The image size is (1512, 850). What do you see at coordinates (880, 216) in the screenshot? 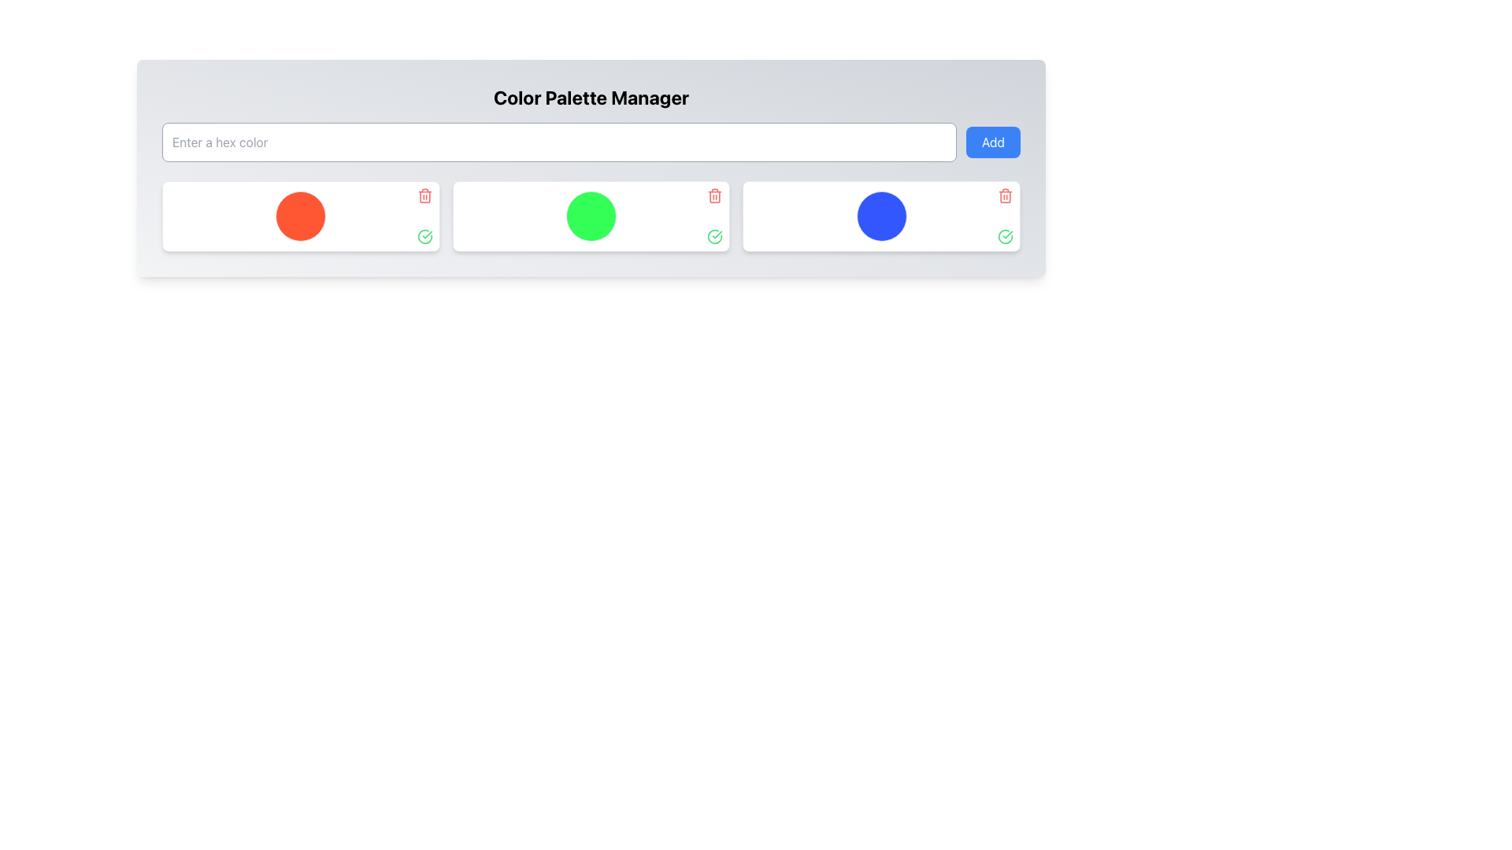
I see `the blue circle in the color palette tool located in the third column of the grid layout` at bounding box center [880, 216].